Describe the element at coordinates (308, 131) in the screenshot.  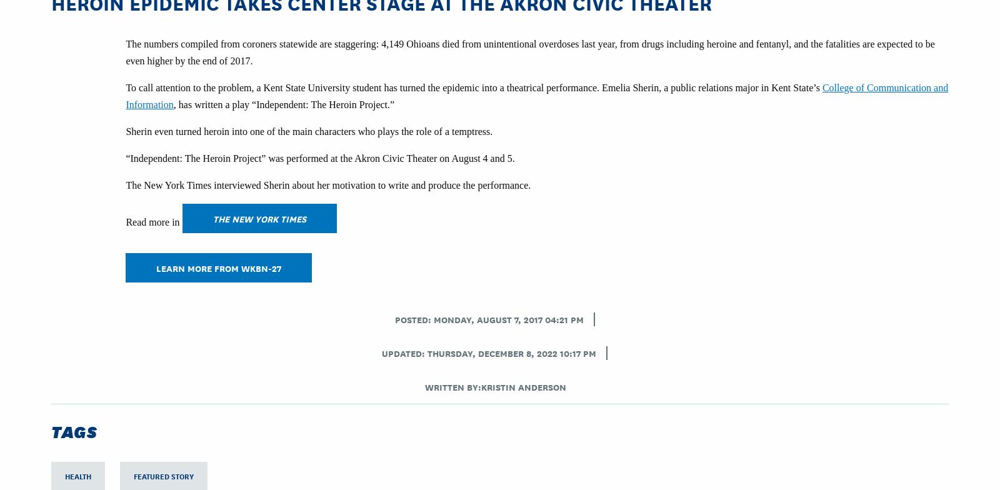
I see `'Sherin even turned heroin into one of the main characters who plays the role of a temptress.'` at that location.